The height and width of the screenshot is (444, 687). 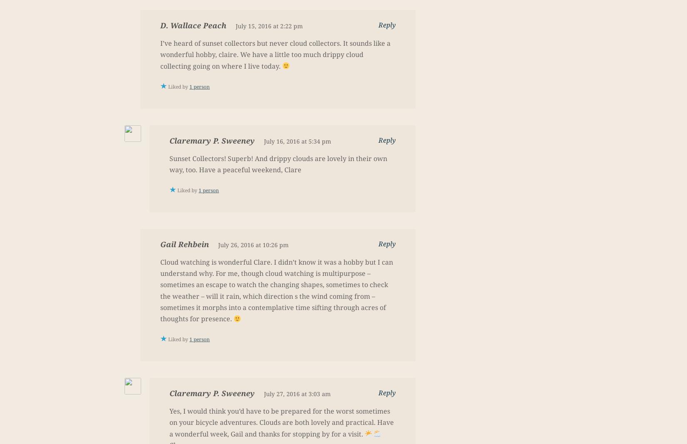 I want to click on 'Yes, I would think you’d have to be prepared for the worst sometimes on your bicycle adventures. Clouds are both lovely and practical. Have a wonderful week, Gail and thanks for stopping by for a visit.', so click(x=281, y=422).